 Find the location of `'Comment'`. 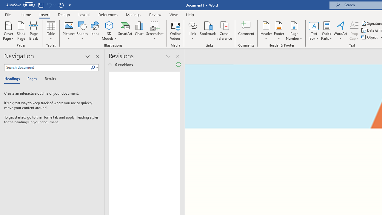

'Comment' is located at coordinates (246, 31).